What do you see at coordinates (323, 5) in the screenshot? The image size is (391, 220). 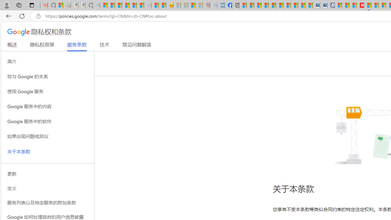 I see `'Cheap Hotels - Save70.com'` at bounding box center [323, 5].